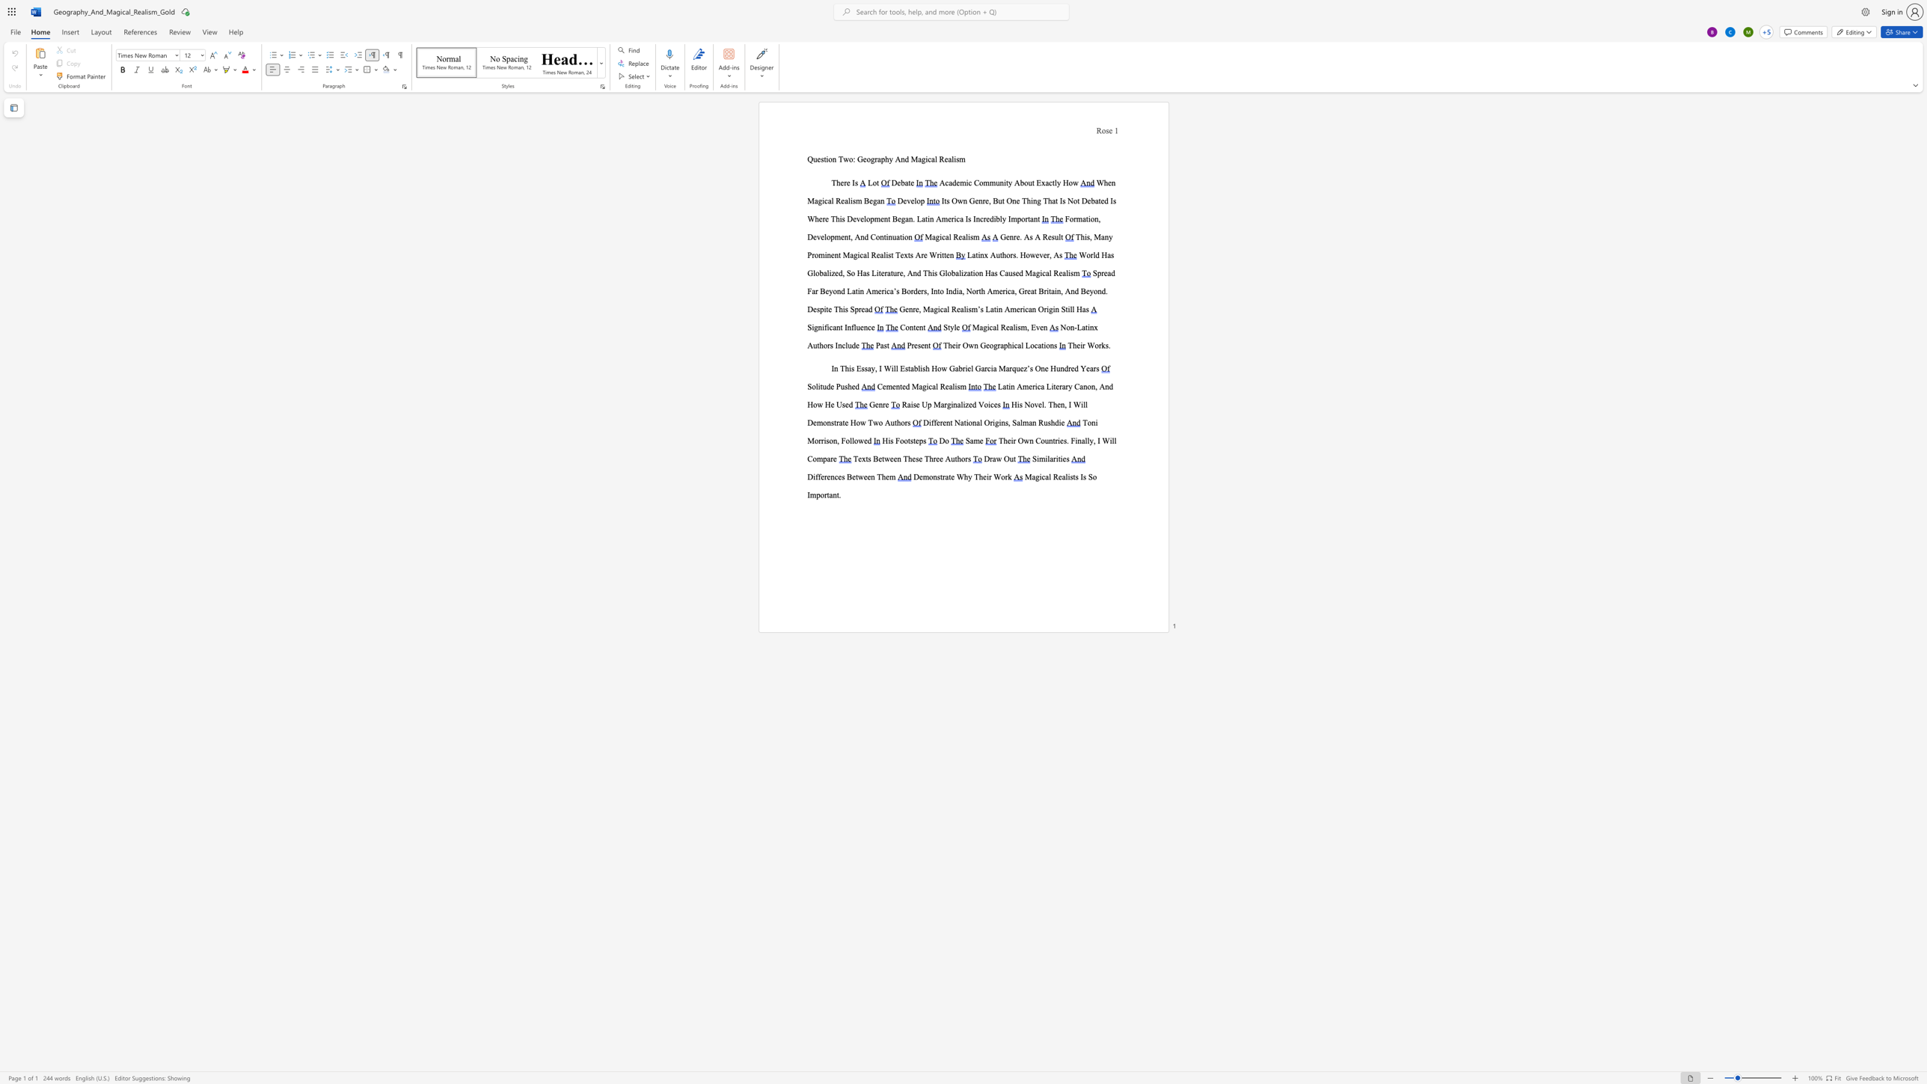 Image resolution: width=1927 pixels, height=1084 pixels. I want to click on the 1th character "i" in the text, so click(1088, 327).